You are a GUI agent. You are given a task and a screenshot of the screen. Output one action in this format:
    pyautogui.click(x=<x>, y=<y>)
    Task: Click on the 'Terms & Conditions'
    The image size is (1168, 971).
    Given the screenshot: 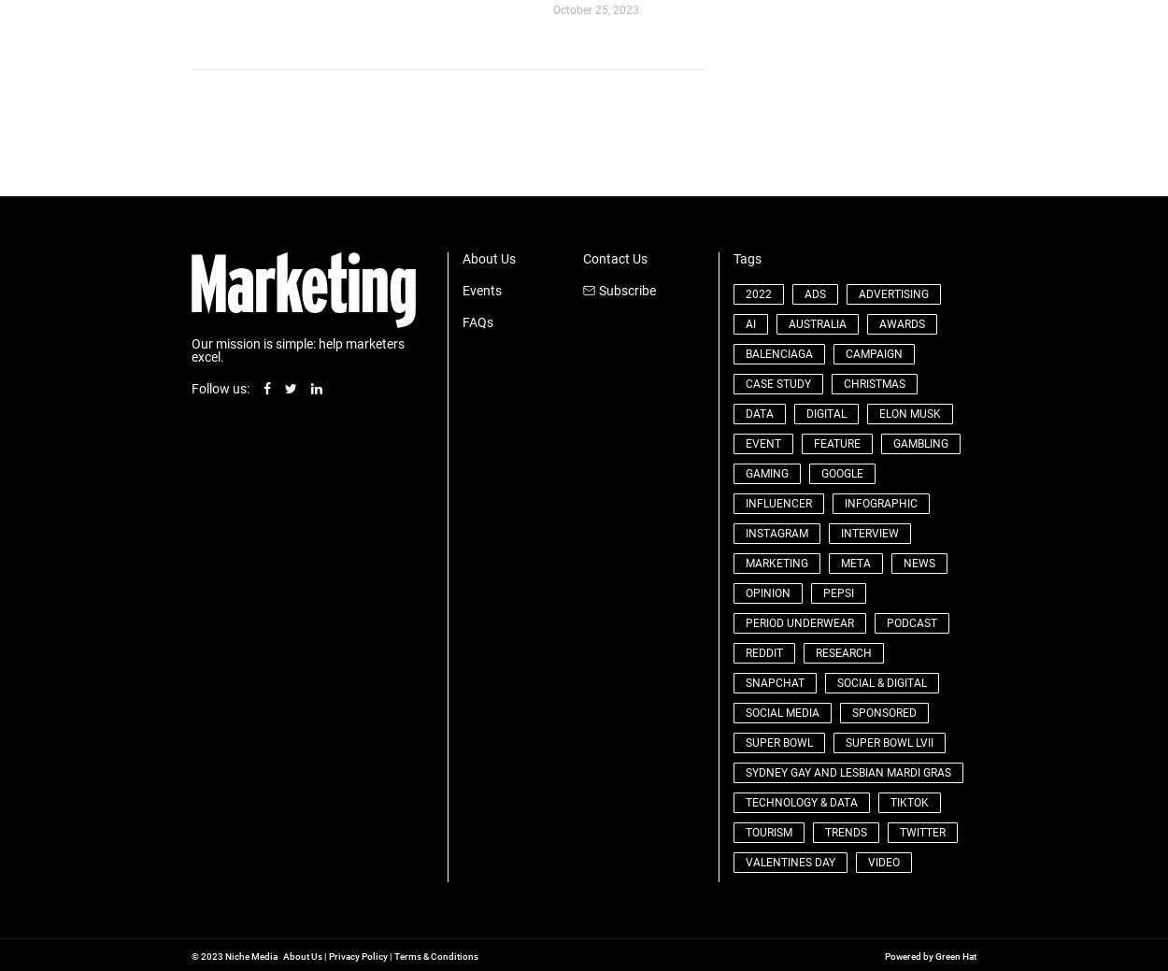 What is the action you would take?
    pyautogui.click(x=435, y=955)
    